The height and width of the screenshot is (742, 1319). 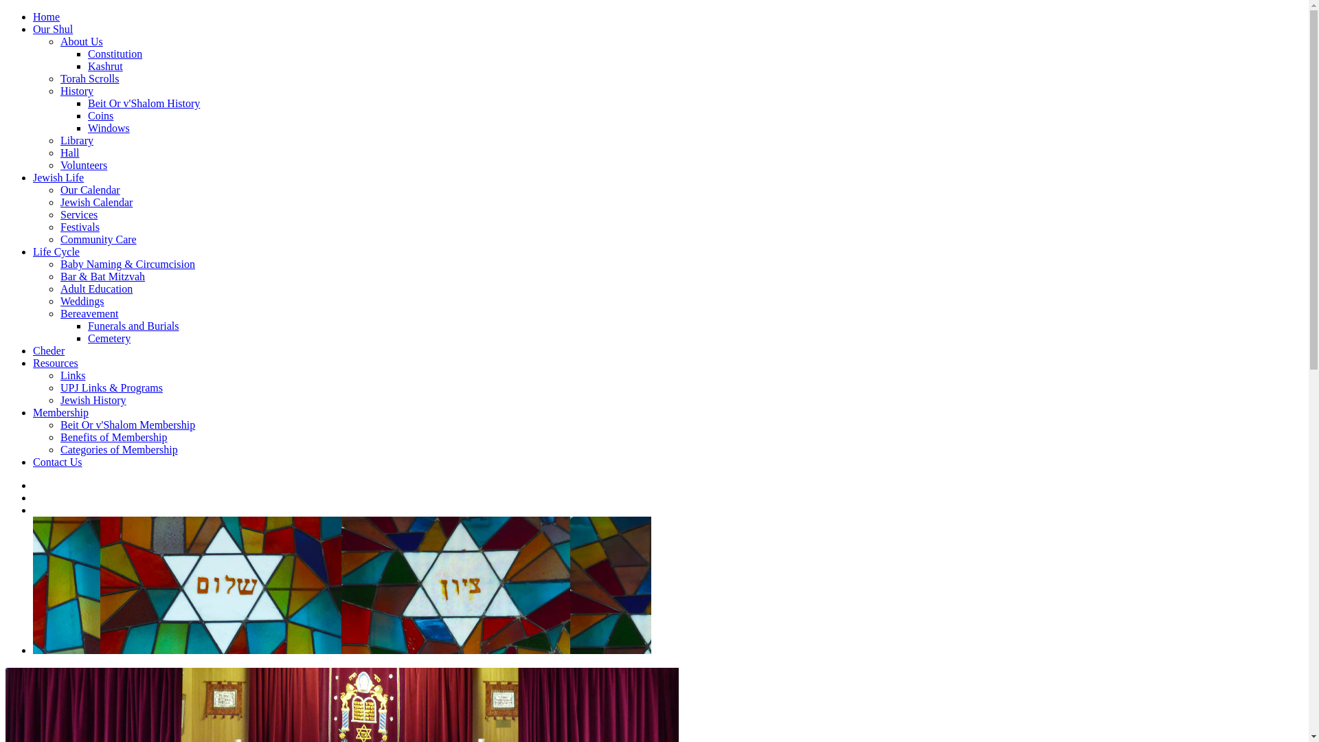 I want to click on 'Adult Education', so click(x=95, y=288).